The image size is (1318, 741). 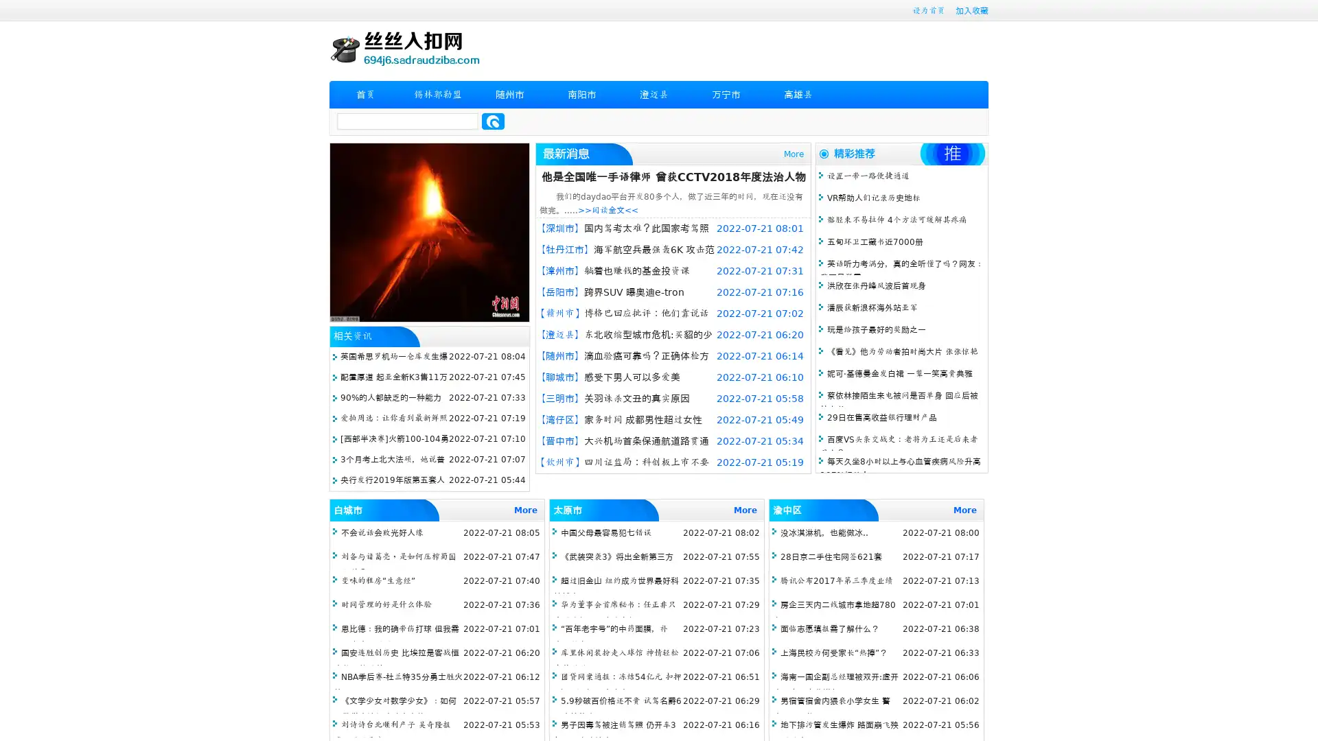 I want to click on Search, so click(x=493, y=121).